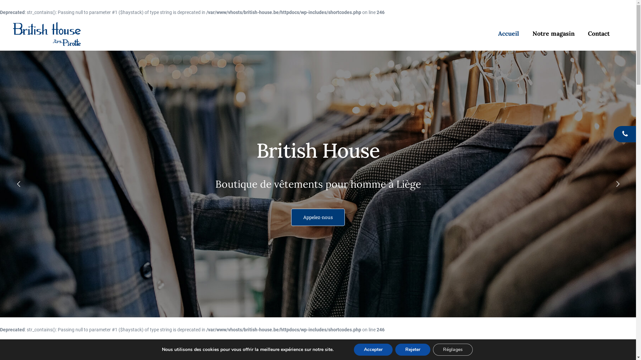 The height and width of the screenshot is (360, 641). What do you see at coordinates (614, 134) in the screenshot?
I see `'04/277.00.65'` at bounding box center [614, 134].